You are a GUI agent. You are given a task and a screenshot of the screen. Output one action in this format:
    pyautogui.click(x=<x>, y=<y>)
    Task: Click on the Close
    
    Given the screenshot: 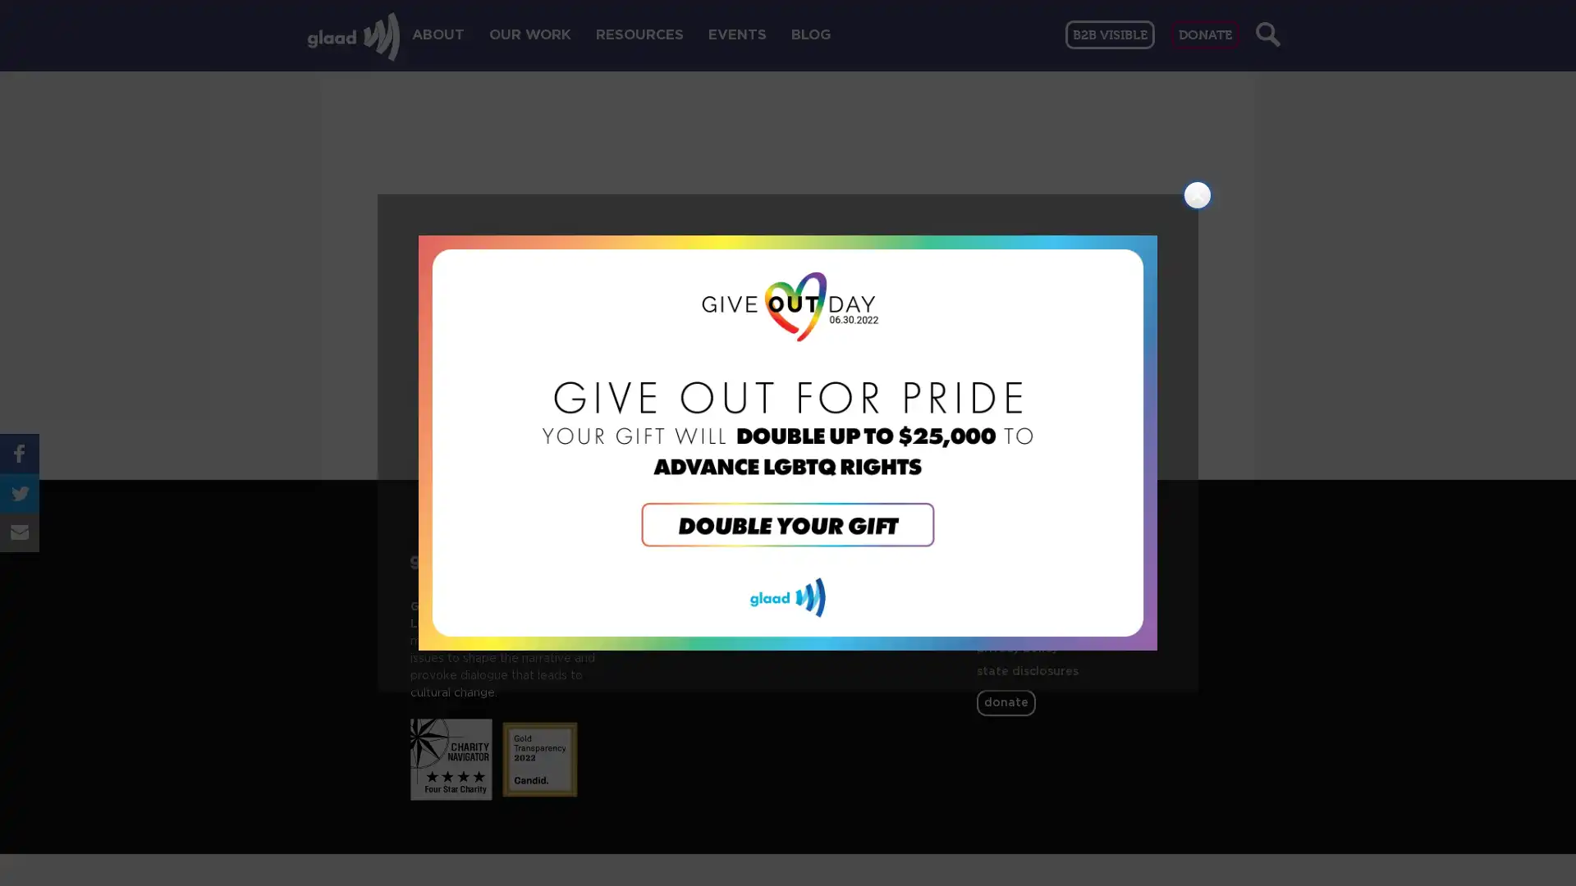 What is the action you would take?
    pyautogui.click(x=1198, y=194)
    